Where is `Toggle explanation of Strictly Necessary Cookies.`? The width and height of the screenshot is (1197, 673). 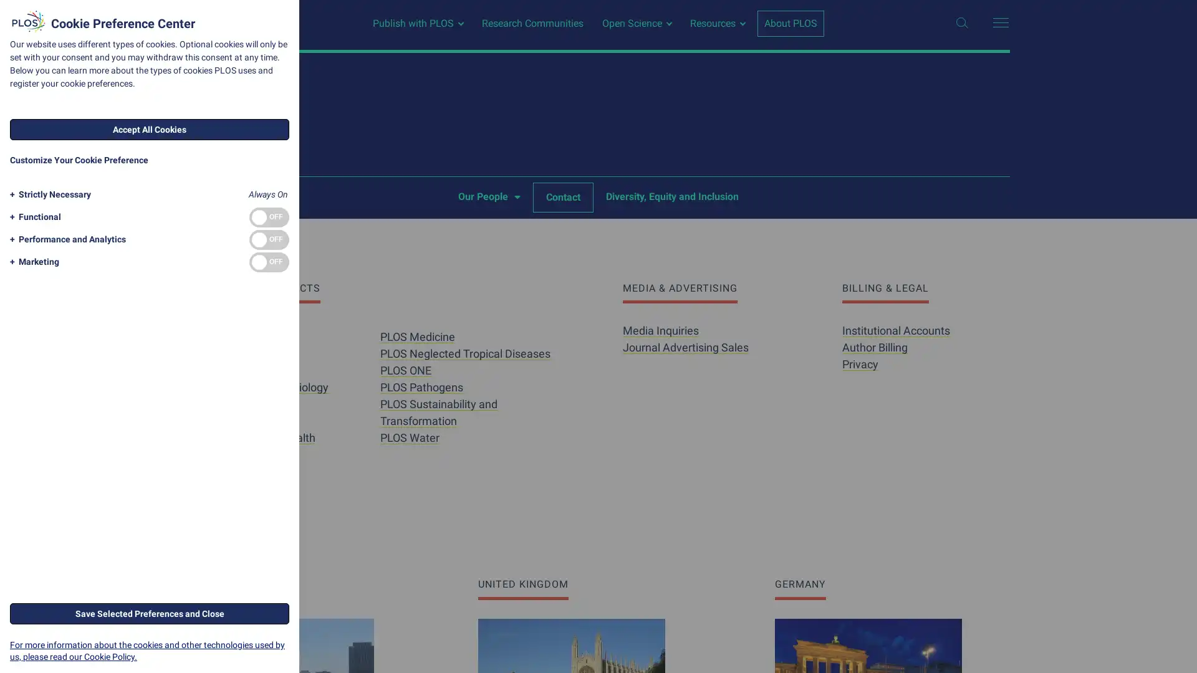 Toggle explanation of Strictly Necessary Cookies. is located at coordinates (48, 194).